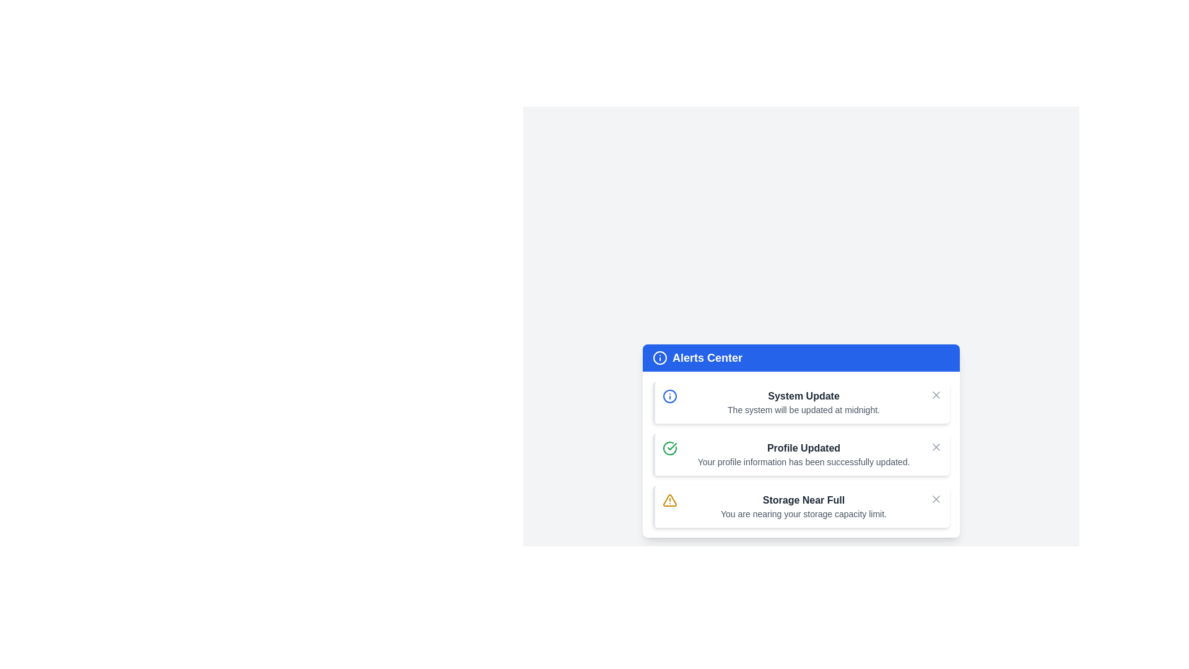  I want to click on the circular icon representing the informational alert in the 'System Update' section, so click(659, 358).